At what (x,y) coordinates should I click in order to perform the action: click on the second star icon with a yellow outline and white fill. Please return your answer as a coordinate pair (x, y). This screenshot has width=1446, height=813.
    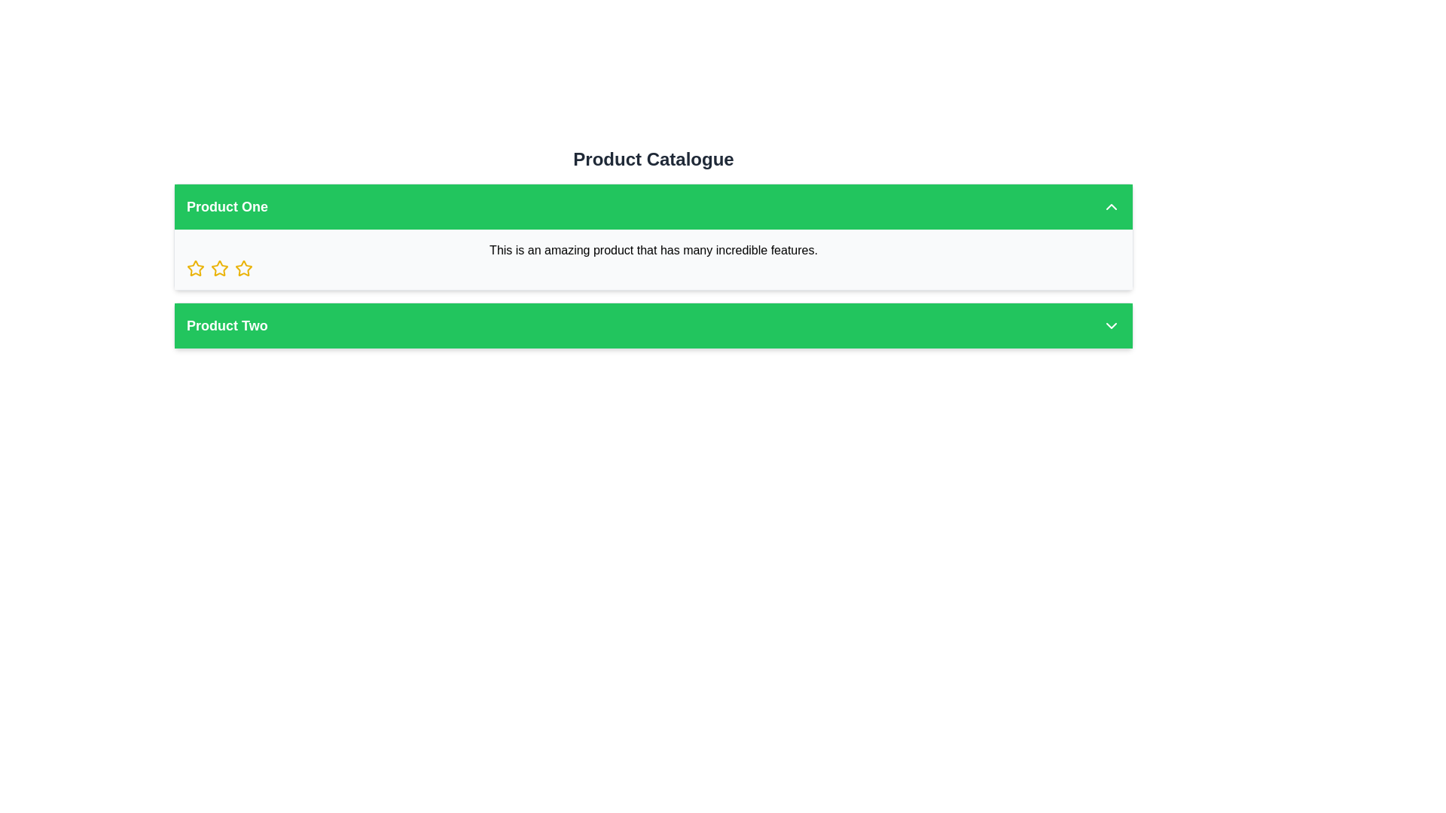
    Looking at the image, I should click on (219, 267).